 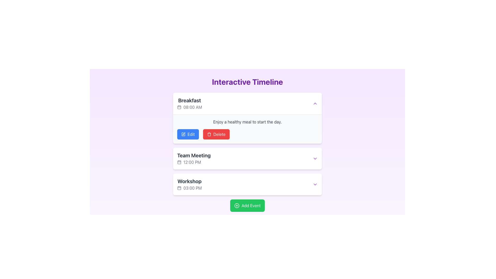 I want to click on the static label displaying the time '12:00 PM' in gray color, which is part of the 'Team Meeting' entry on the interactive timeline, so click(x=193, y=162).